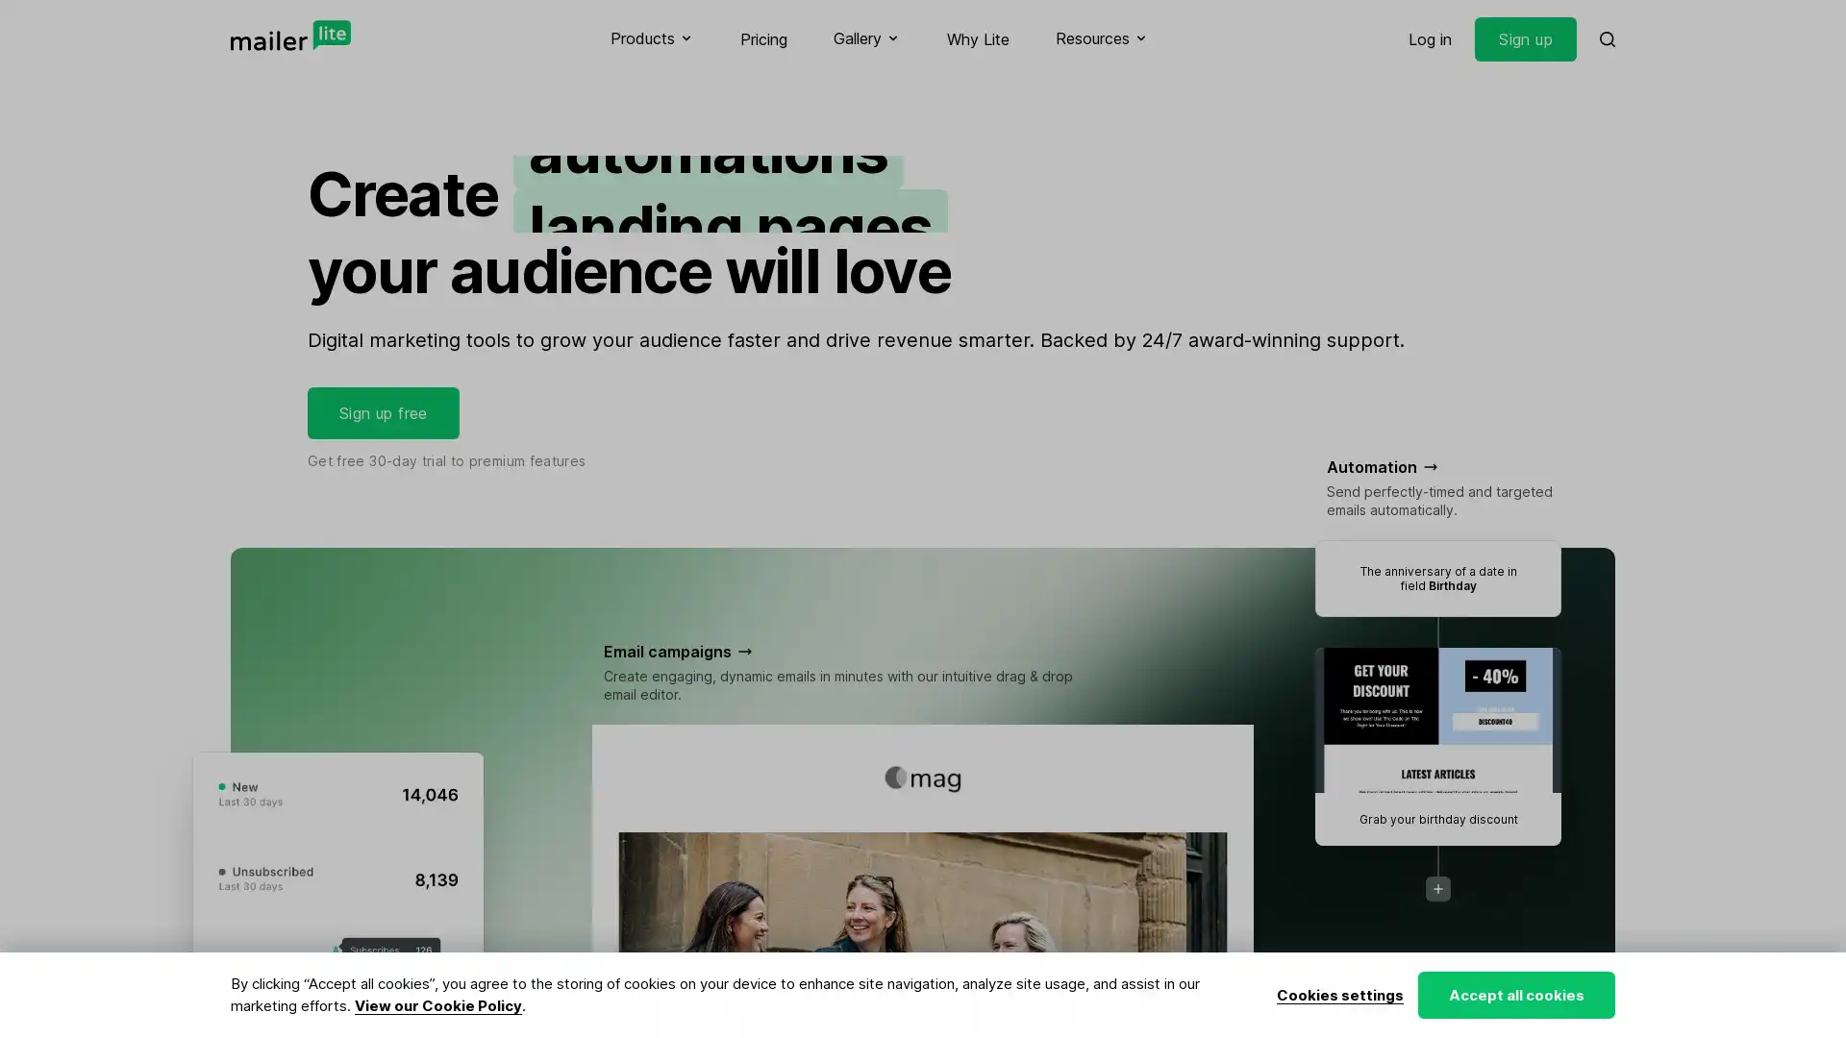 The image size is (1846, 1038). What do you see at coordinates (1515, 995) in the screenshot?
I see `Accept all cookies` at bounding box center [1515, 995].